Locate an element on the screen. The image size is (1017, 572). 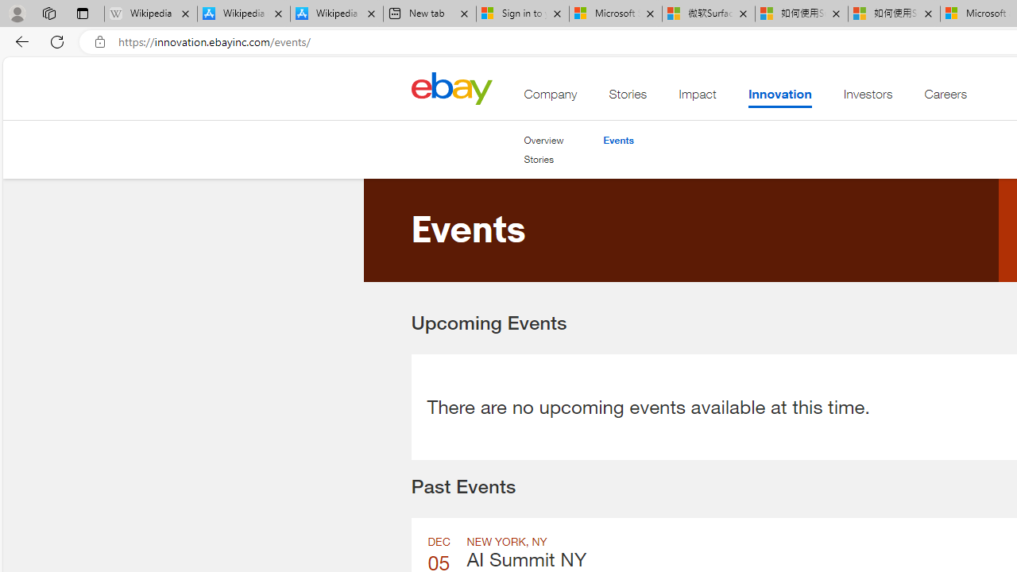
'Events' is located at coordinates (617, 140).